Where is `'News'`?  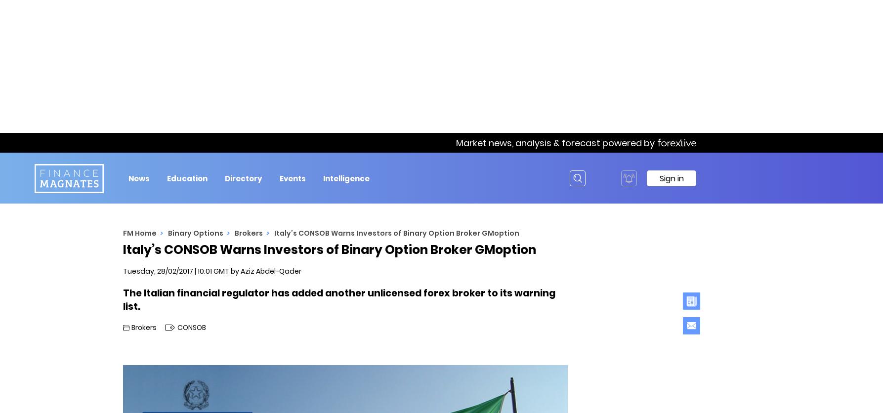 'News' is located at coordinates (138, 177).